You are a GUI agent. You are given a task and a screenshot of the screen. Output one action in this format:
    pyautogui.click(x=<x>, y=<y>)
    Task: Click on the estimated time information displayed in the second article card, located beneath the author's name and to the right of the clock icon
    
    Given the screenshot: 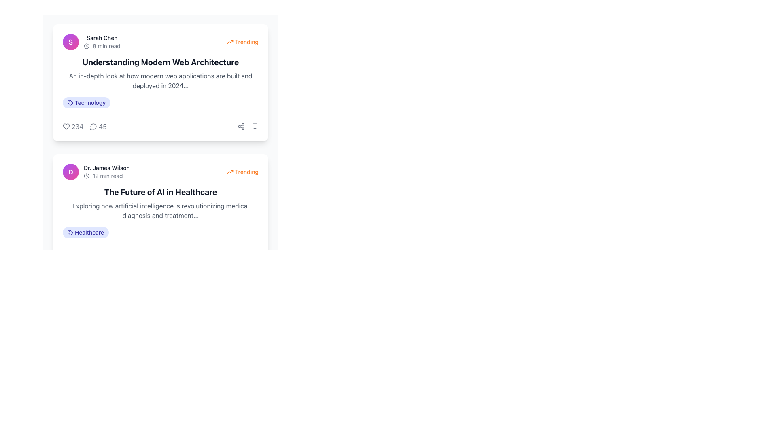 What is the action you would take?
    pyautogui.click(x=107, y=176)
    